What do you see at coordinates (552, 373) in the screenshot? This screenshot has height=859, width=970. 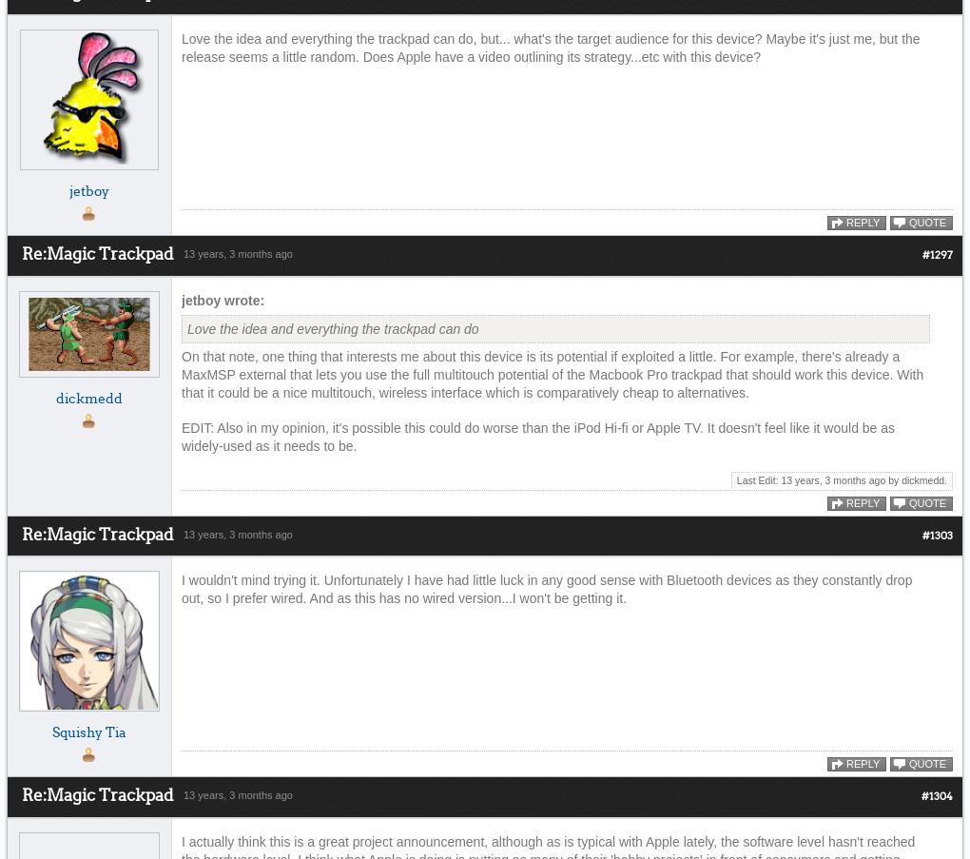 I see `'On that note, one thing that interests me about this device is its potential if exploited a little. For example, there's already a MaxMSP external that lets you use the full multitouch potential of the Macbook Pro trackpad that should work this device. With that it could be a nice multitouch, wireless interface which is comparatively cheap to alternatives.'` at bounding box center [552, 373].